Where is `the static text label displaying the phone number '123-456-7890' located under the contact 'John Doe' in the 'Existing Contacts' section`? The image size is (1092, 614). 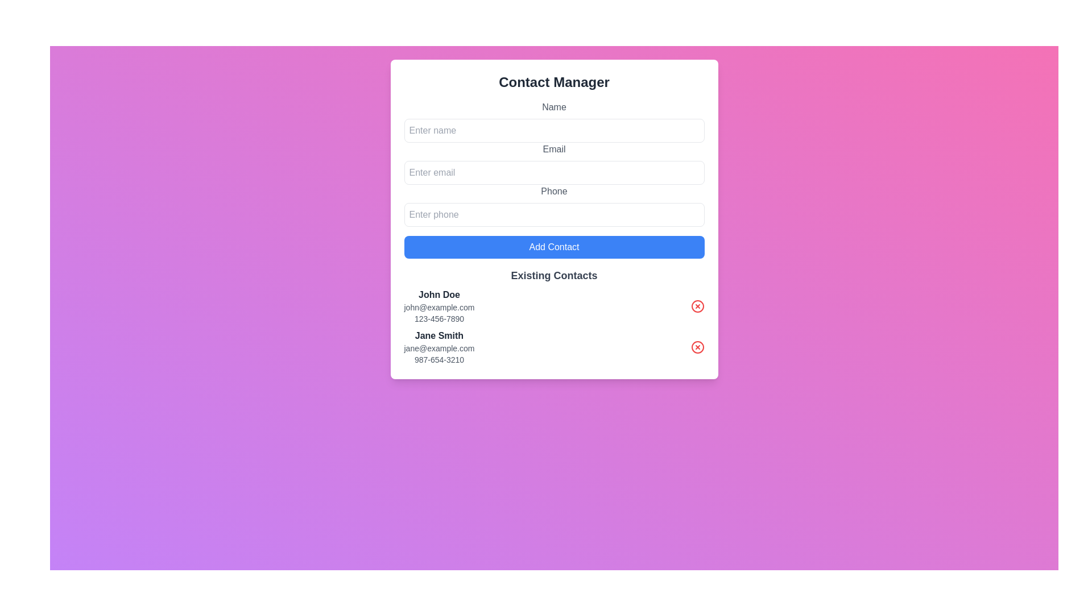 the static text label displaying the phone number '123-456-7890' located under the contact 'John Doe' in the 'Existing Contacts' section is located at coordinates (439, 318).